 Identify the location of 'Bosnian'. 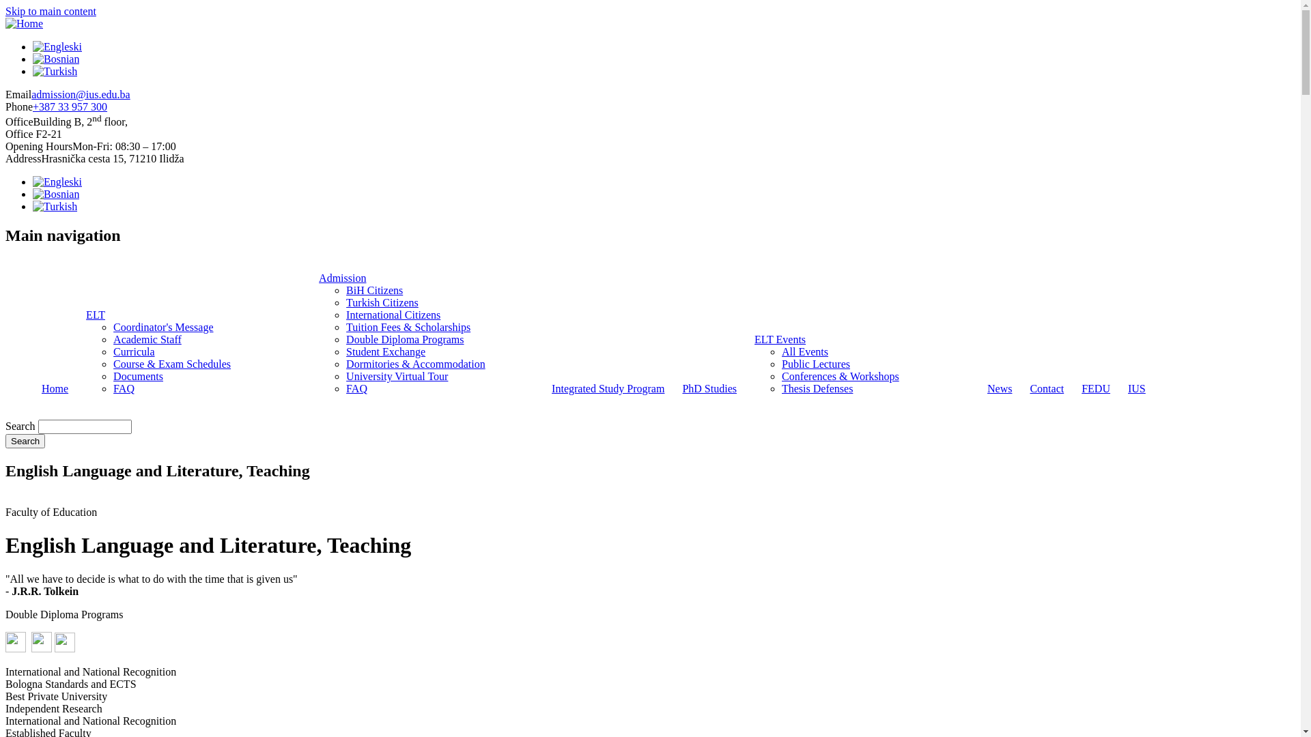
(55, 59).